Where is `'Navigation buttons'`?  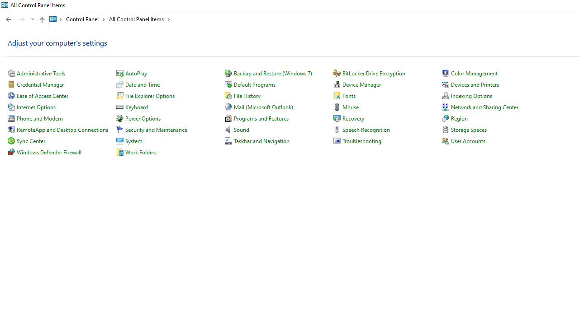 'Navigation buttons' is located at coordinates (19, 19).